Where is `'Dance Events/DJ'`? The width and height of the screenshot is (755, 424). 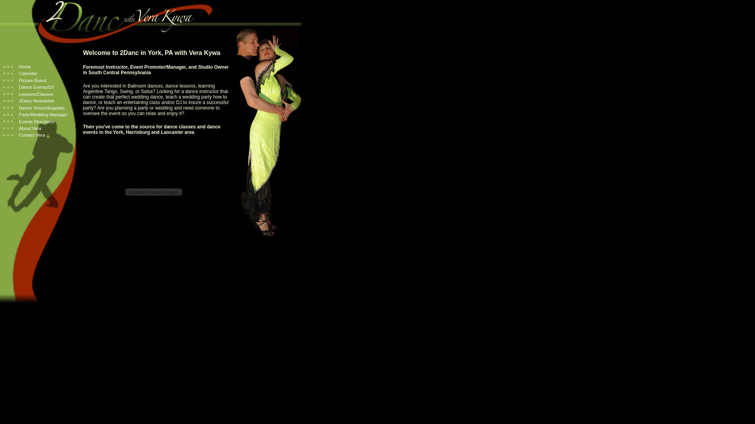
'Dance Events/DJ' is located at coordinates (28, 87).